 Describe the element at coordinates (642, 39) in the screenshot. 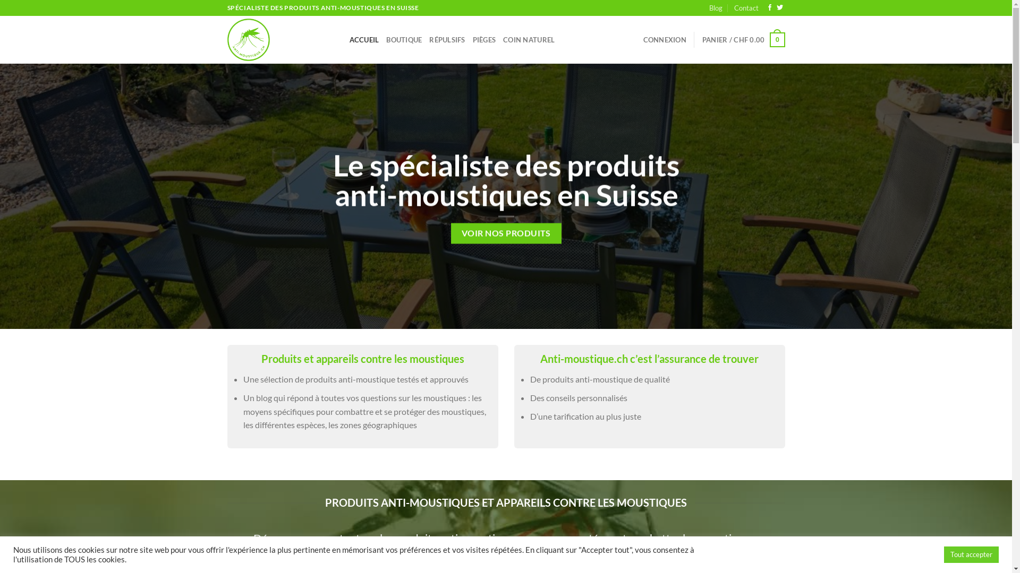

I see `'CONNEXION'` at that location.